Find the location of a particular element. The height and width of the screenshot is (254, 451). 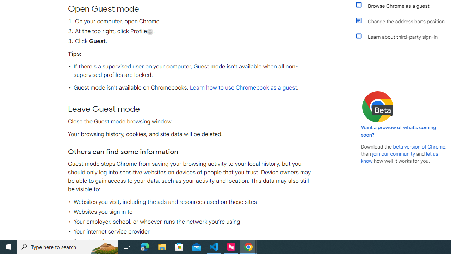

'Want a preview of what' is located at coordinates (399, 131).